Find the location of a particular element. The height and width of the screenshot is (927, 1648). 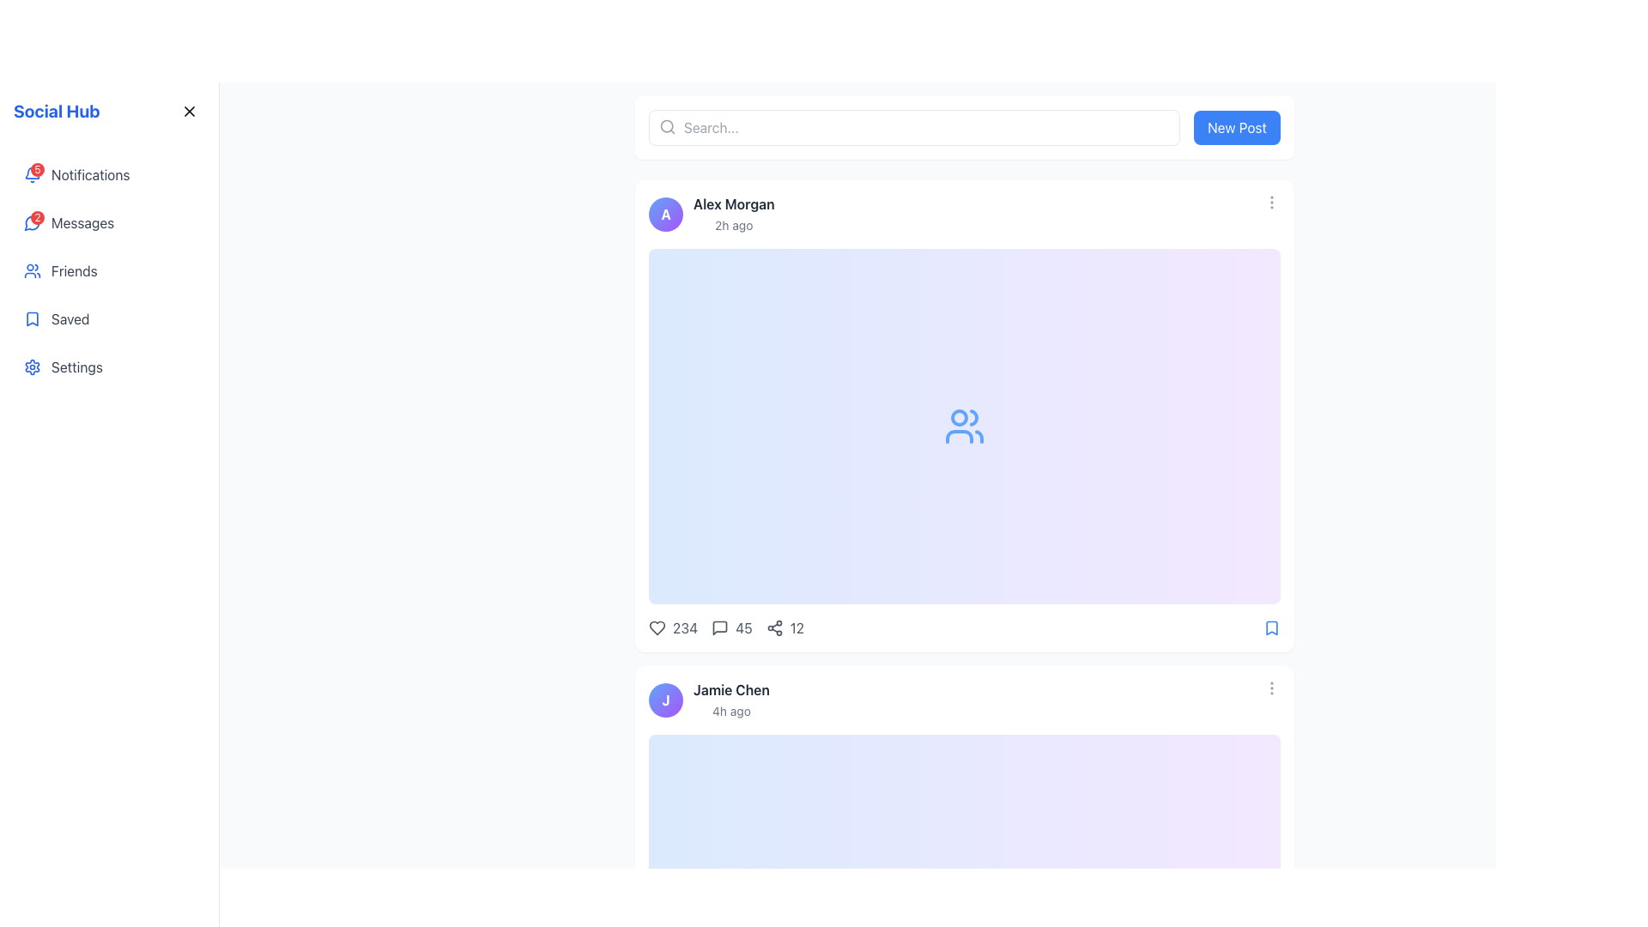

the 'X' icon button located to the right of the 'Social Hub' text label is located at coordinates (189, 112).